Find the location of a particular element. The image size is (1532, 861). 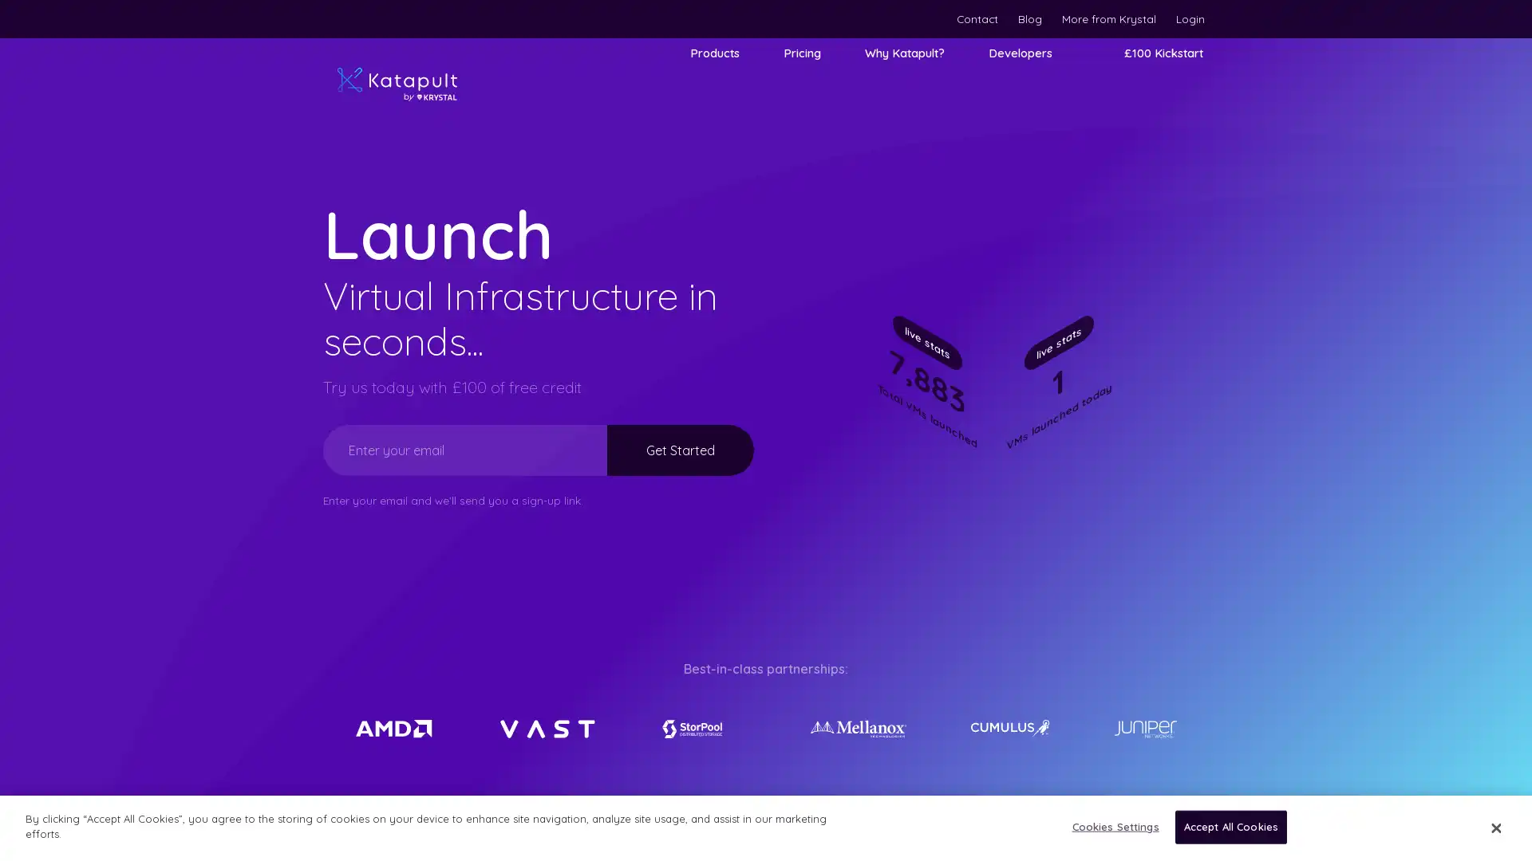

Cookies Settings is located at coordinates (1110, 826).